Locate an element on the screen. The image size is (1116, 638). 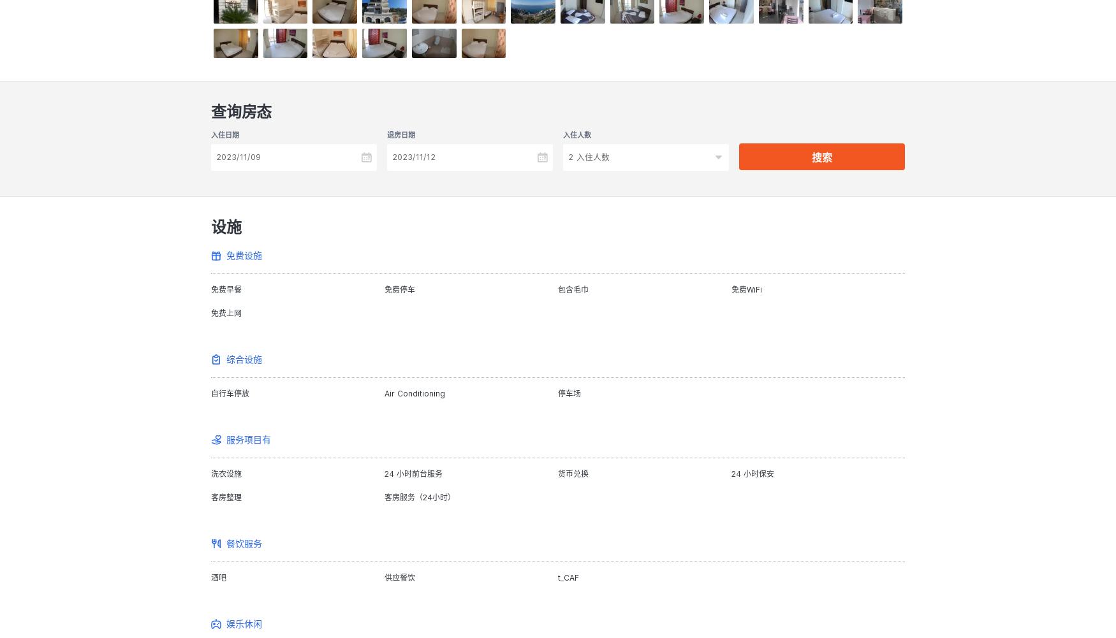
'客房服务（24小时）' is located at coordinates (419, 497).